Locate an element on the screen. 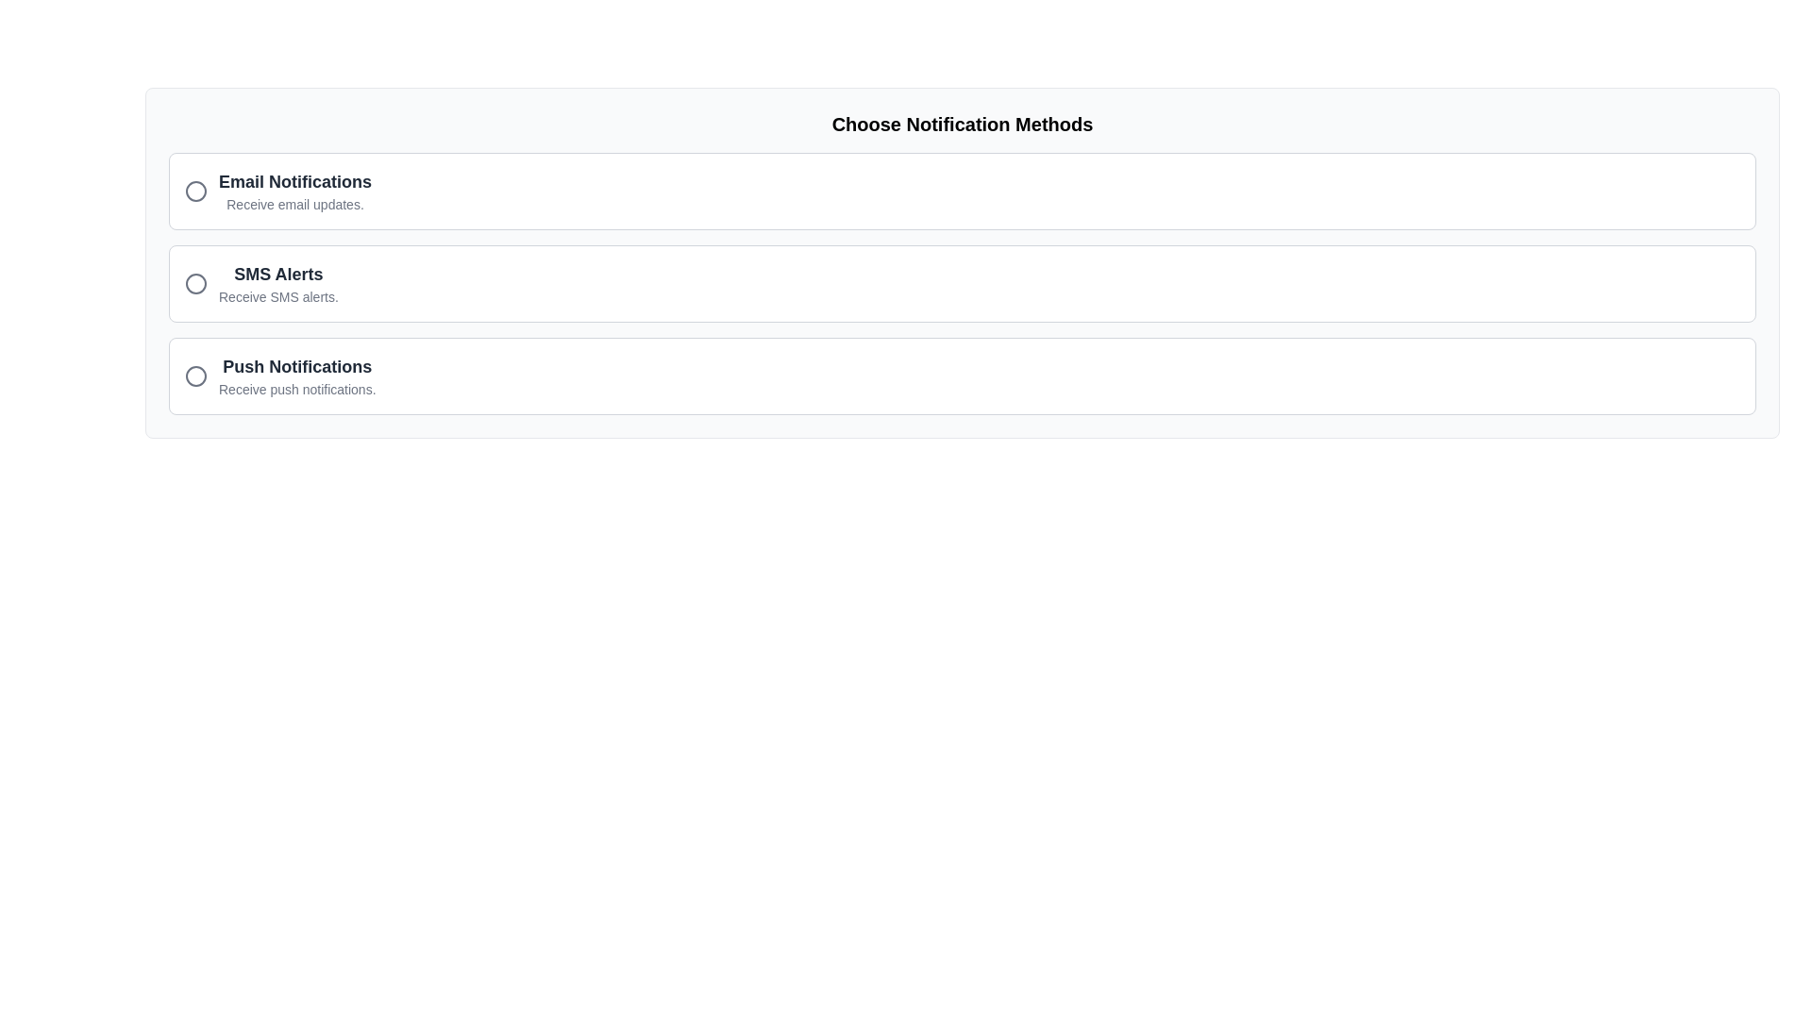 This screenshot has height=1019, width=1812. the SMS Alerts icon located on the left side of the SMS Alerts selection panel, preceding the text 'SMS Alerts' and its description 'Receive SMS alerts.' is located at coordinates (195, 283).